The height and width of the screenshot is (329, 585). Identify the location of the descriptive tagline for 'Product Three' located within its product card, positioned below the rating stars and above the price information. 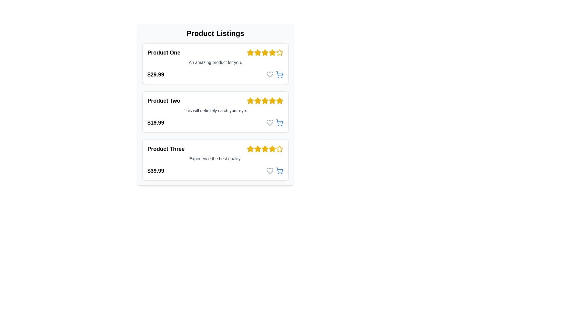
(215, 158).